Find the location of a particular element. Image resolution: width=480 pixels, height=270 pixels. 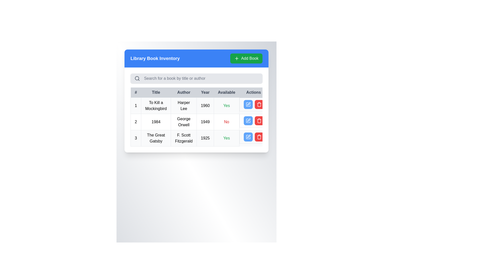

the SVG circle element that represents the search functionality of the input field, which is part of the search icon adjacent to the input box under the 'Library Book Inventory' header is located at coordinates (137, 78).